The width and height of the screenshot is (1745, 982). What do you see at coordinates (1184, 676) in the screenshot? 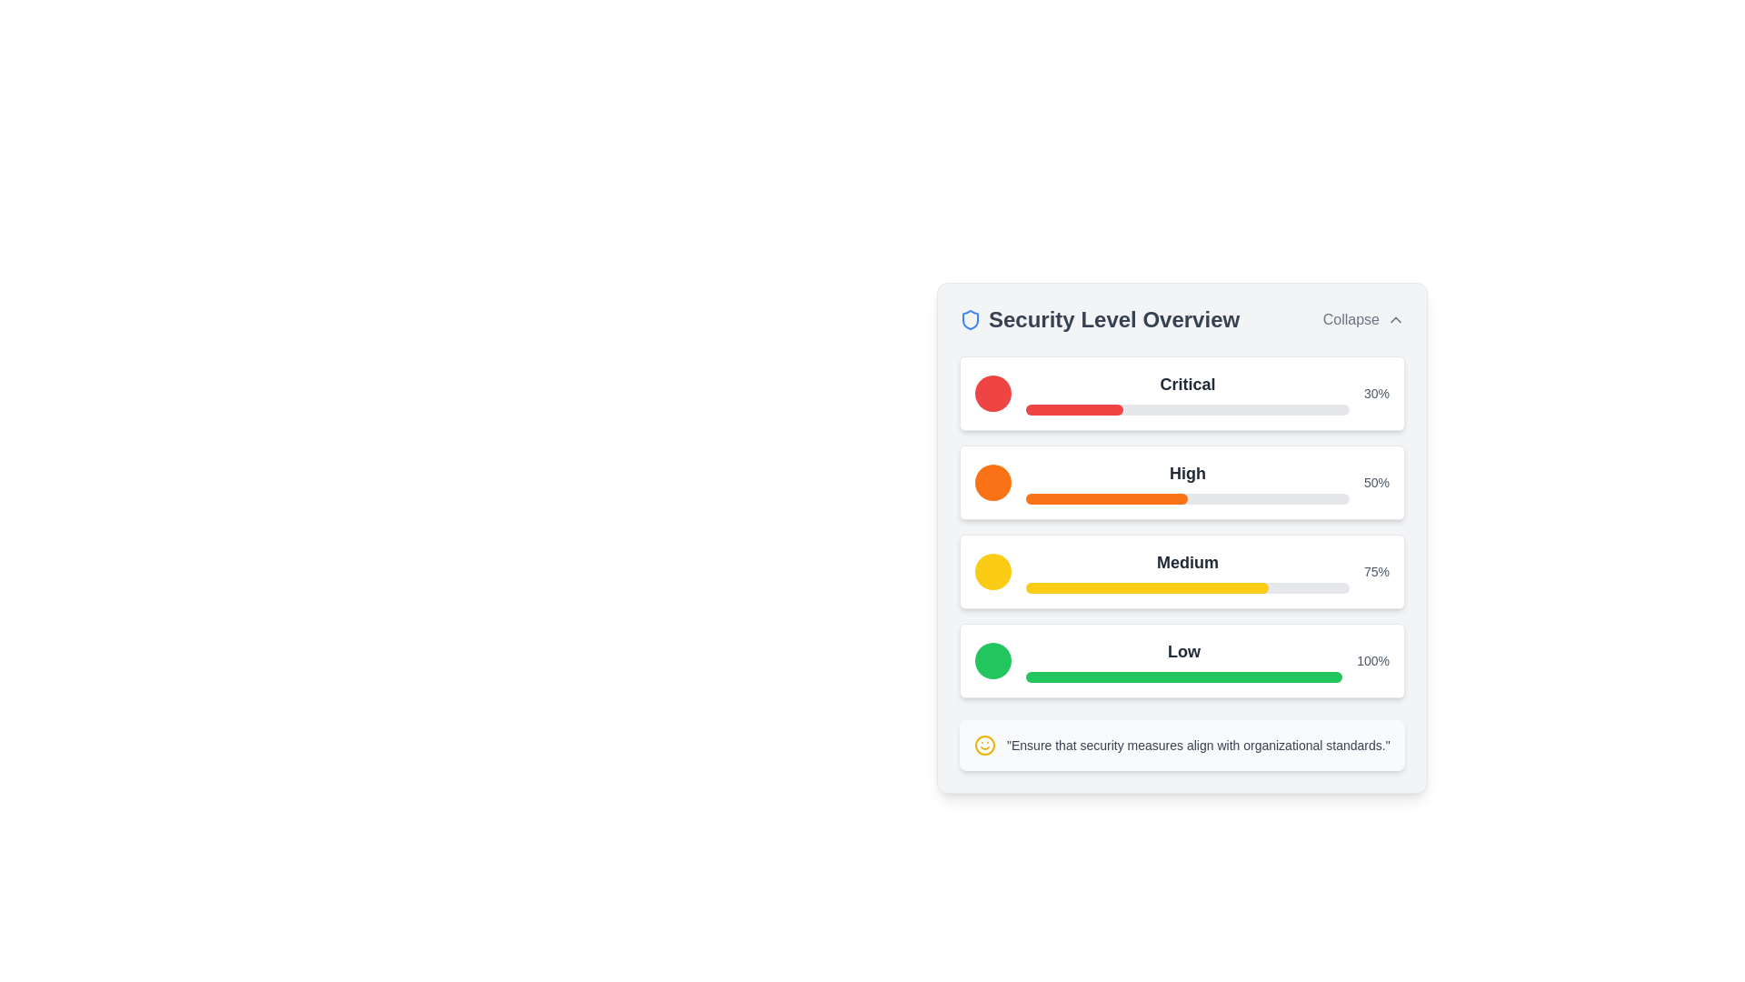
I see `the progress bar indicating completion level, located at the bottommost row under 'Security Level Overview', directly beneath the text 'Low'` at bounding box center [1184, 676].